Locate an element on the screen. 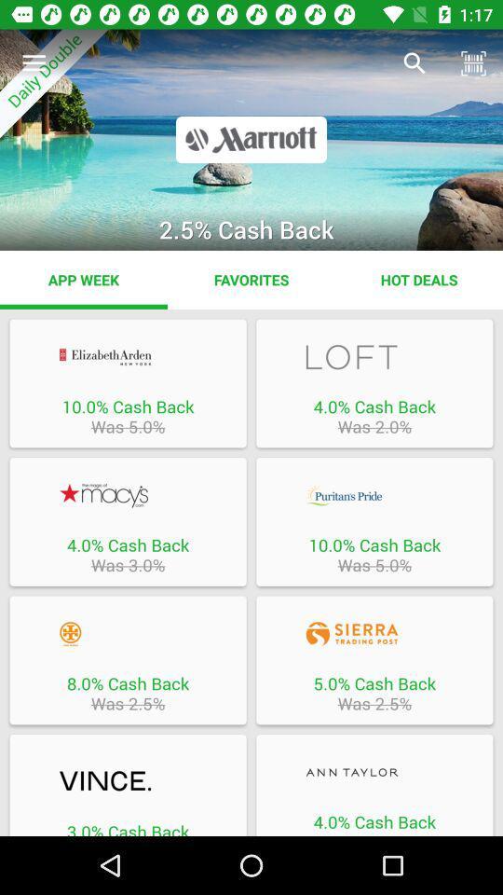  access site is located at coordinates (374, 494).